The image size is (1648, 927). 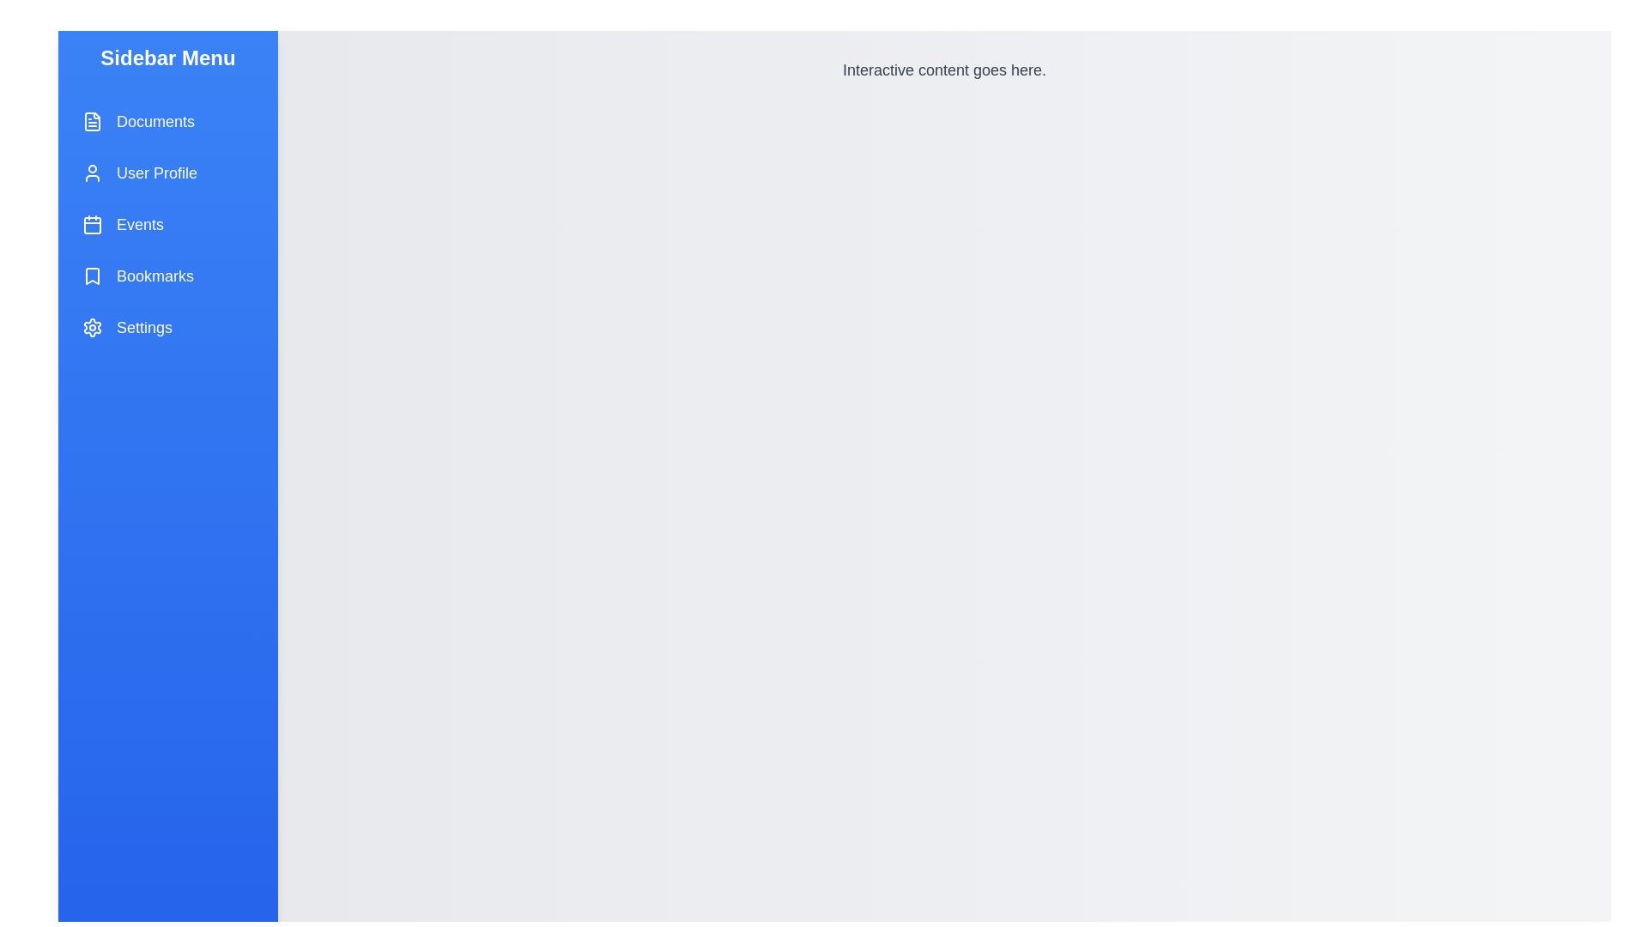 What do you see at coordinates (168, 173) in the screenshot?
I see `the menu item labeled User Profile to observe its hover effect` at bounding box center [168, 173].